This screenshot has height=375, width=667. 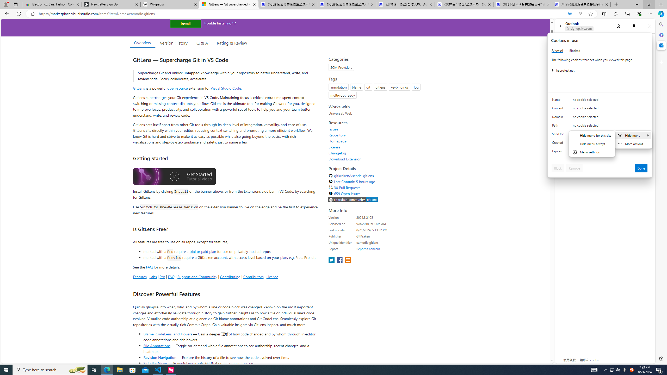 What do you see at coordinates (633, 135) in the screenshot?
I see `'Hide menu'` at bounding box center [633, 135].